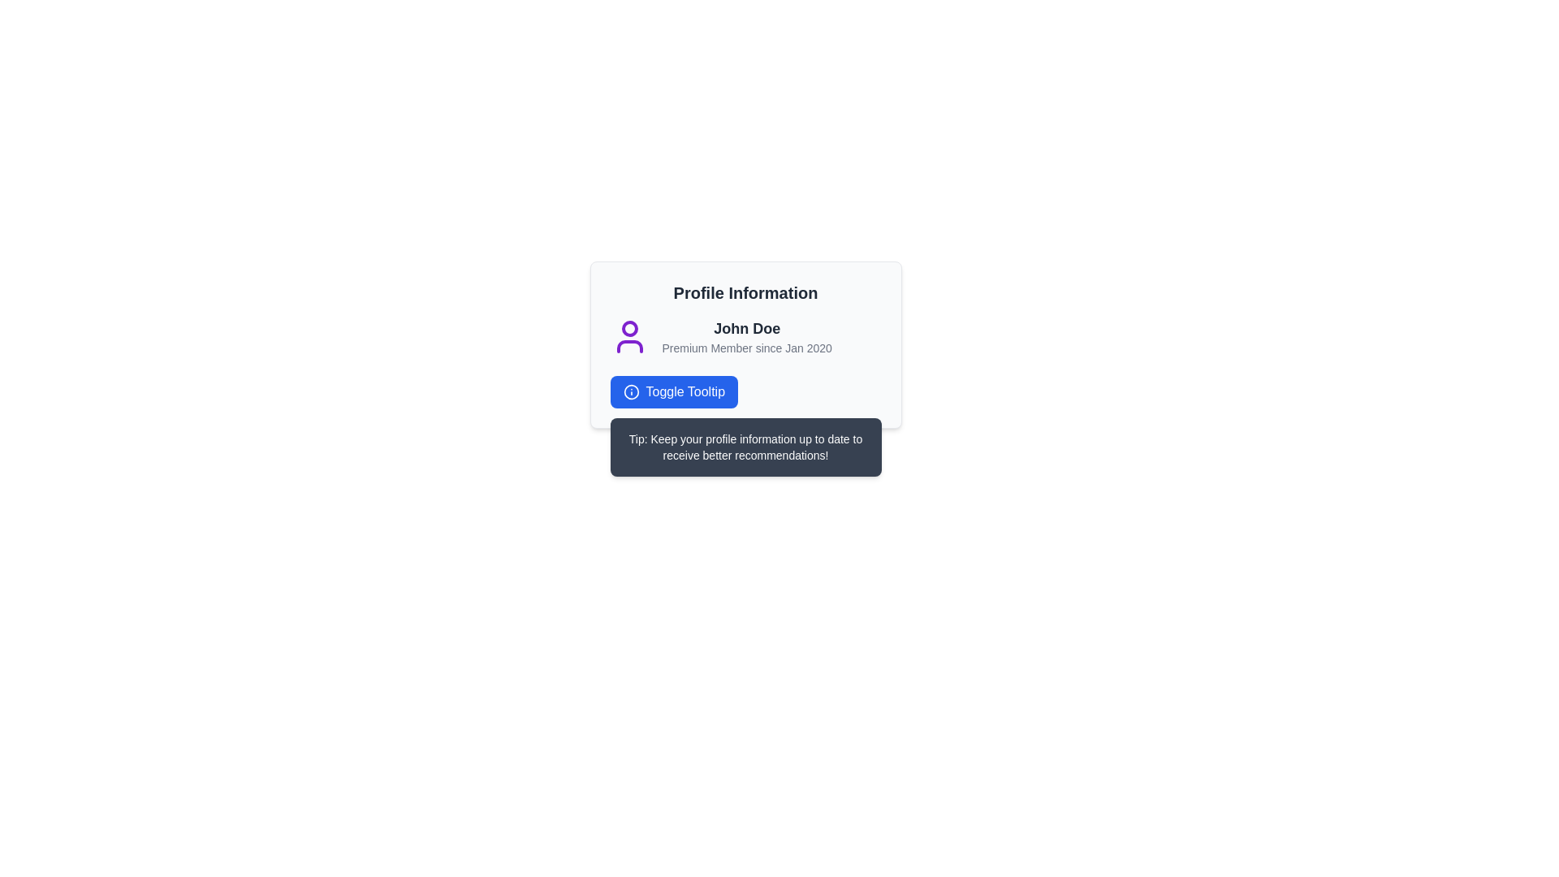 This screenshot has width=1559, height=877. I want to click on the user profile icon located to the left of 'John Doe' in the 'Profile Information' card, so click(628, 336).